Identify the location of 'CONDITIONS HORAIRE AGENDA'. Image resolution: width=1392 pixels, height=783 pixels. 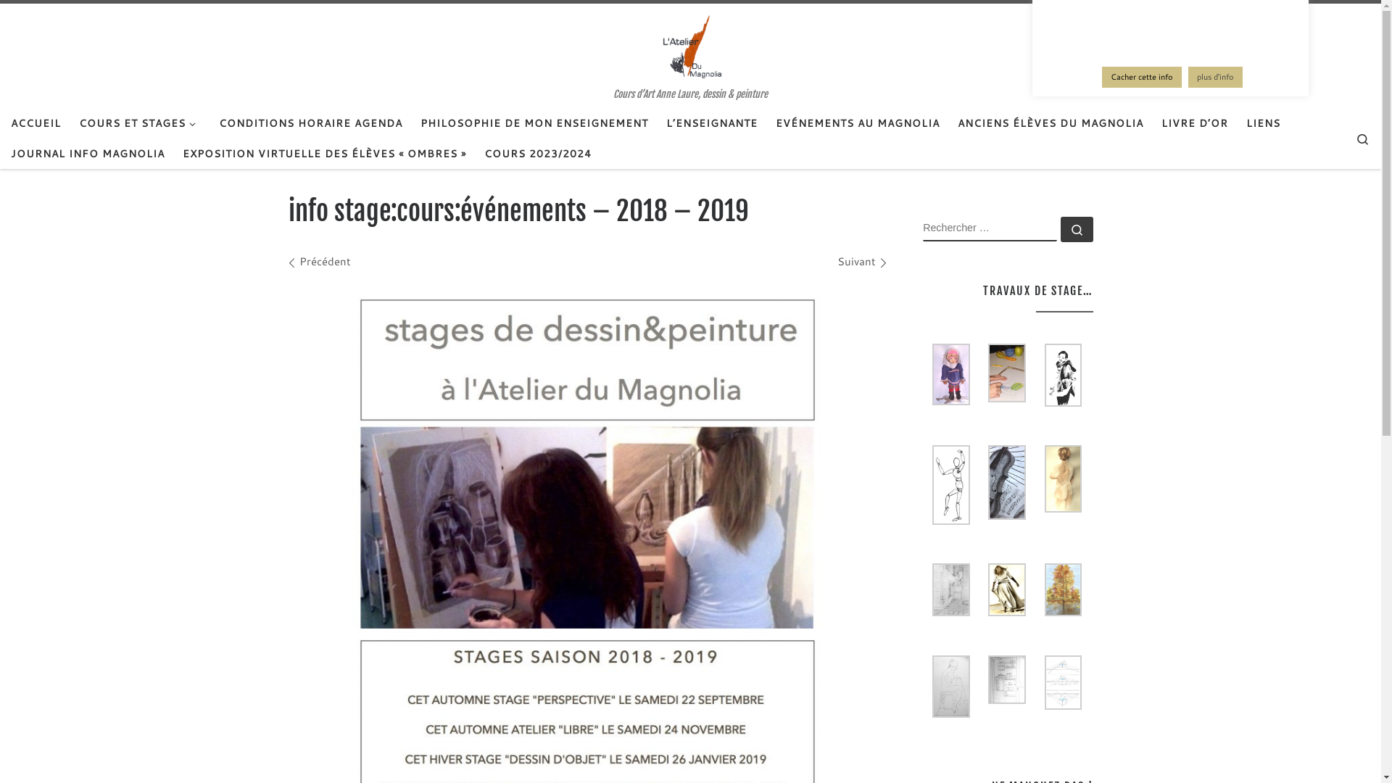
(310, 122).